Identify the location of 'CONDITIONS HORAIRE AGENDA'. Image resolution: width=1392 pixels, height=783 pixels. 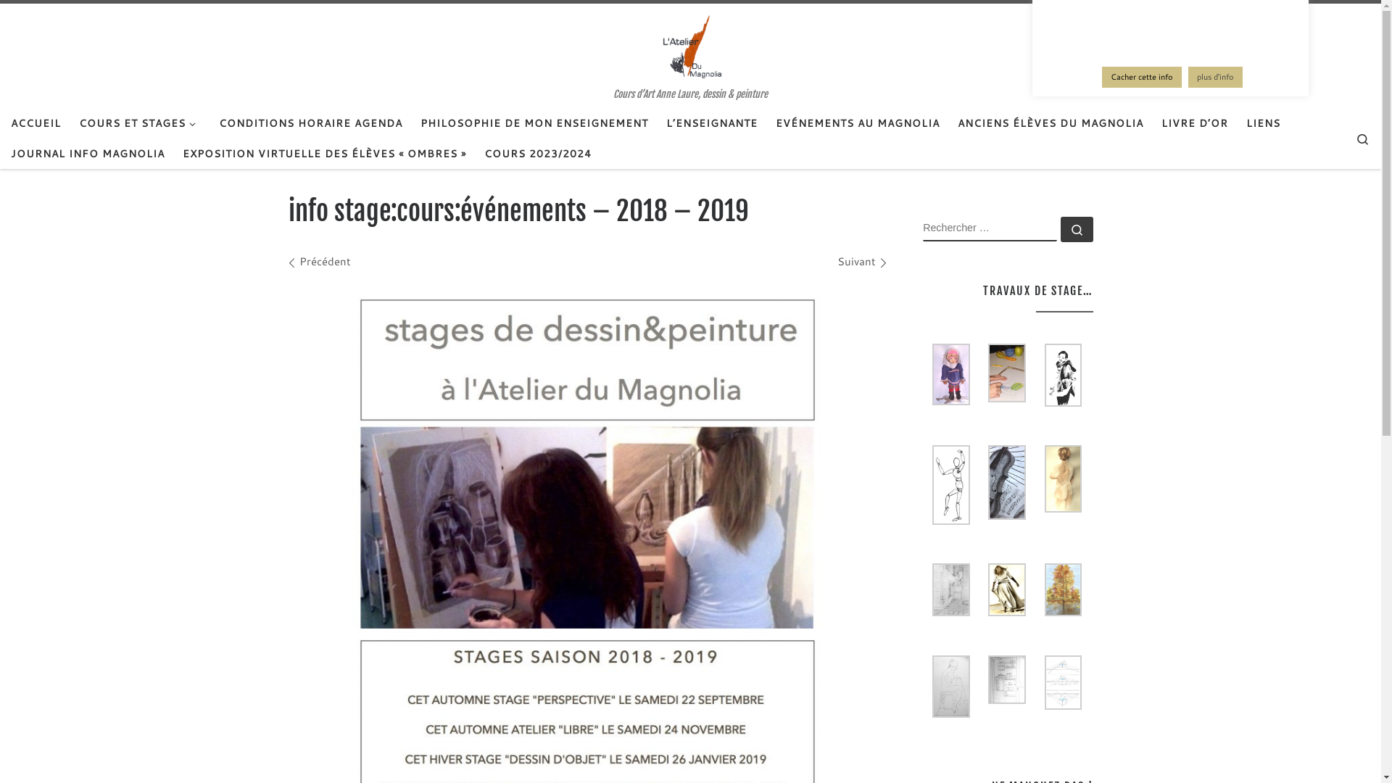
(310, 122).